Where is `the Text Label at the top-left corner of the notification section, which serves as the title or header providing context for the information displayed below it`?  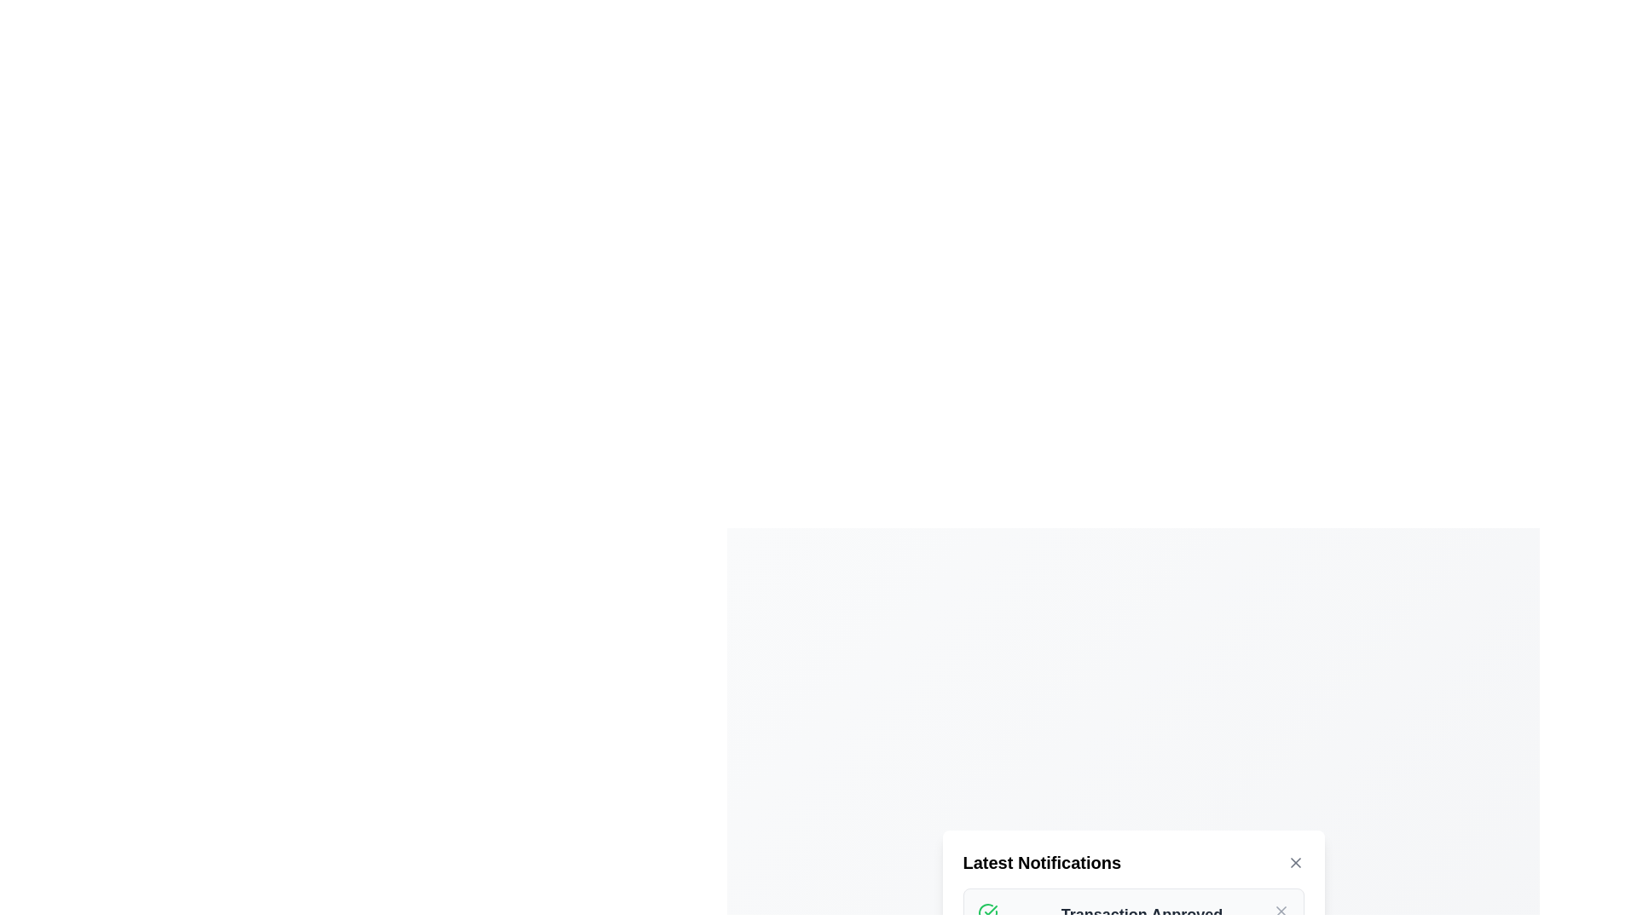
the Text Label at the top-left corner of the notification section, which serves as the title or header providing context for the information displayed below it is located at coordinates (1041, 863).